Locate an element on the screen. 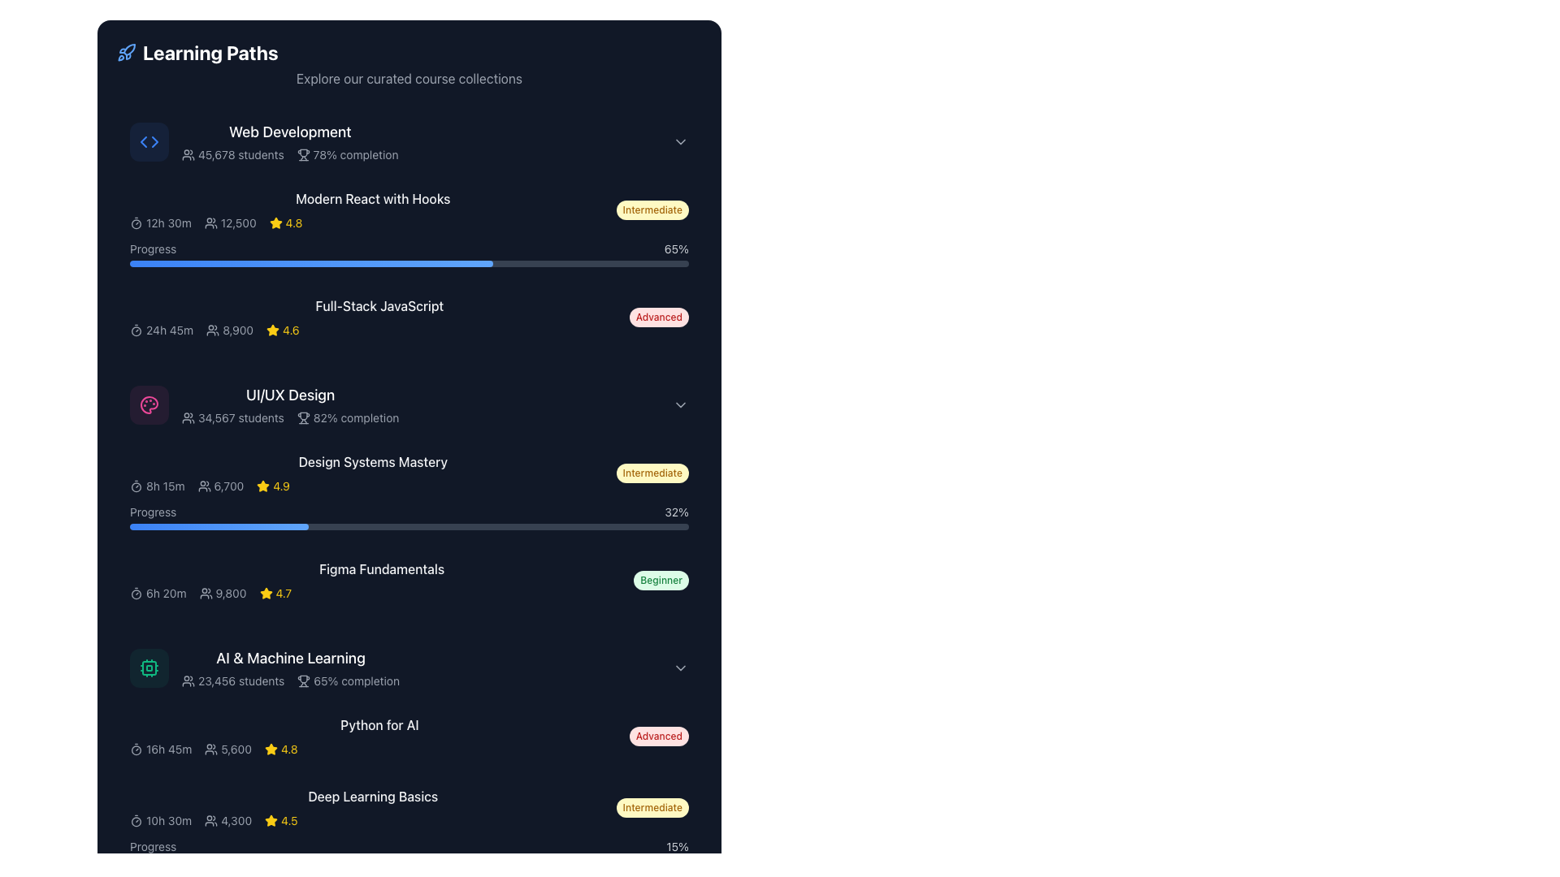 The image size is (1560, 877). the small circular timer icon located to the left of the text '10h 30m' in the row labeled 'Deep Learning Basics' is located at coordinates (136, 820).